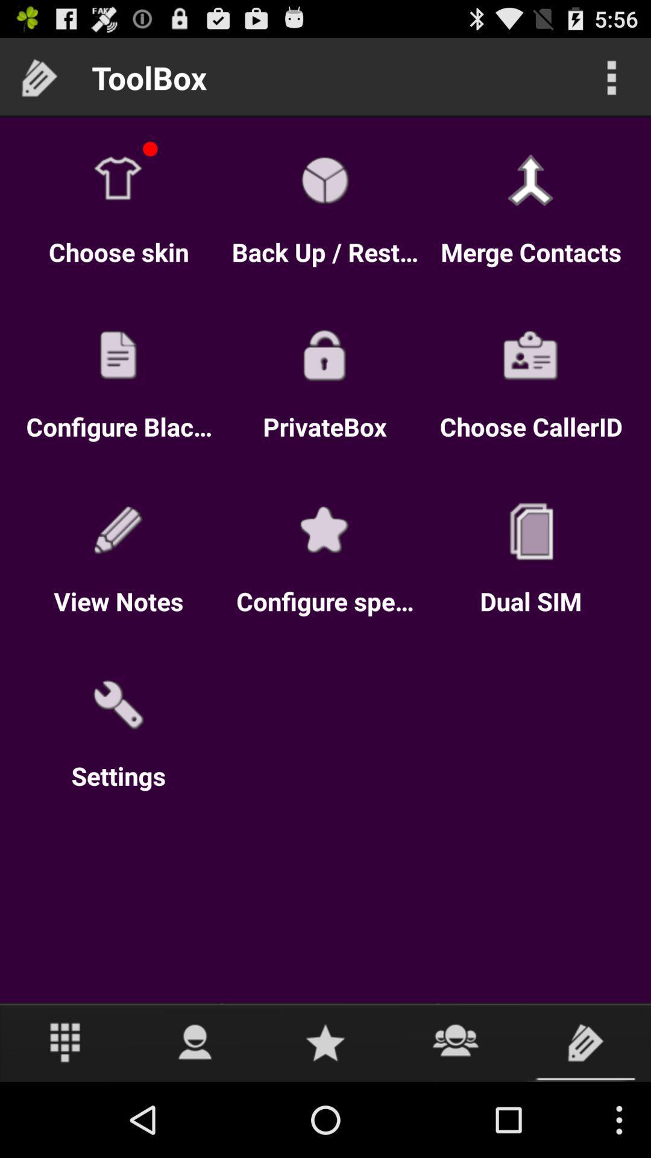 This screenshot has height=1158, width=651. What do you see at coordinates (195, 1042) in the screenshot?
I see `profile` at bounding box center [195, 1042].